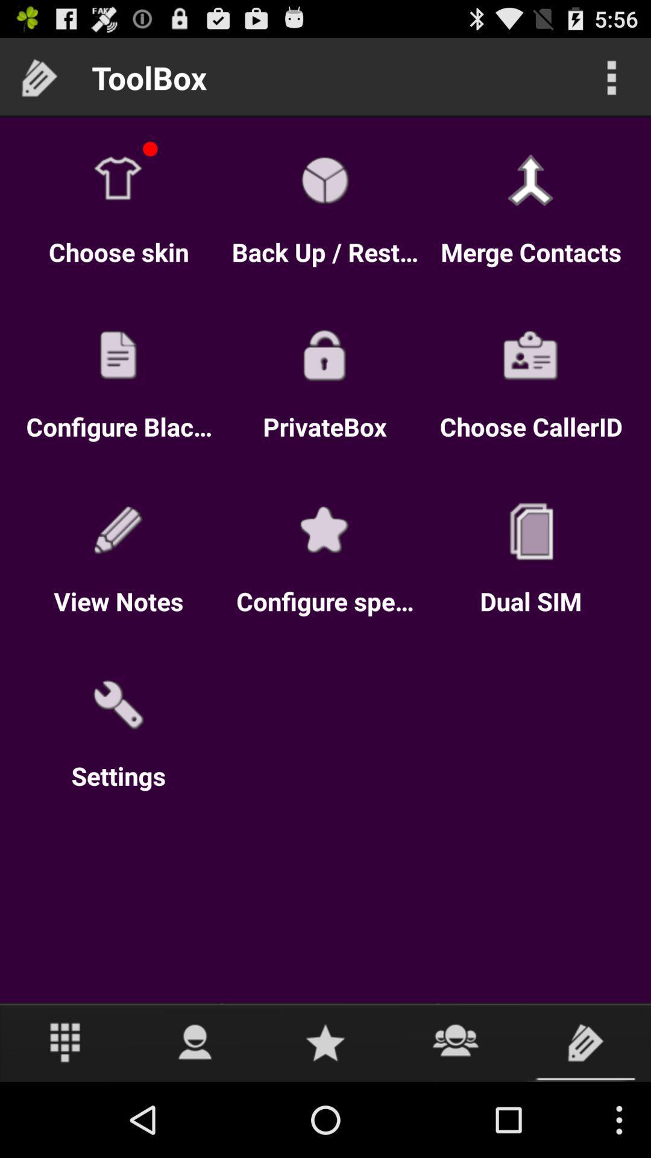 This screenshot has height=1158, width=651. What do you see at coordinates (195, 1042) in the screenshot?
I see `profile` at bounding box center [195, 1042].